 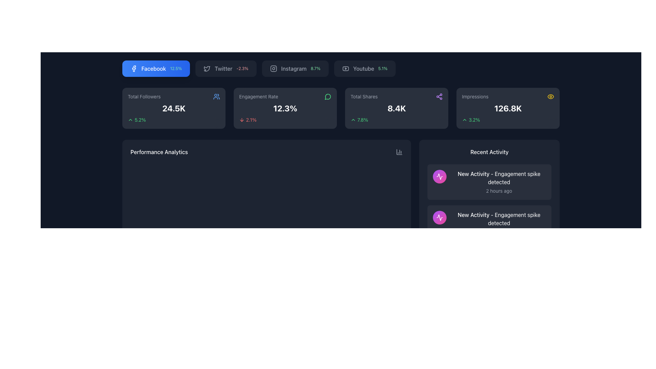 I want to click on the Notification item displaying 'New Activity - Engagement spike detected' in the 'Recent Activity' section, so click(x=489, y=263).